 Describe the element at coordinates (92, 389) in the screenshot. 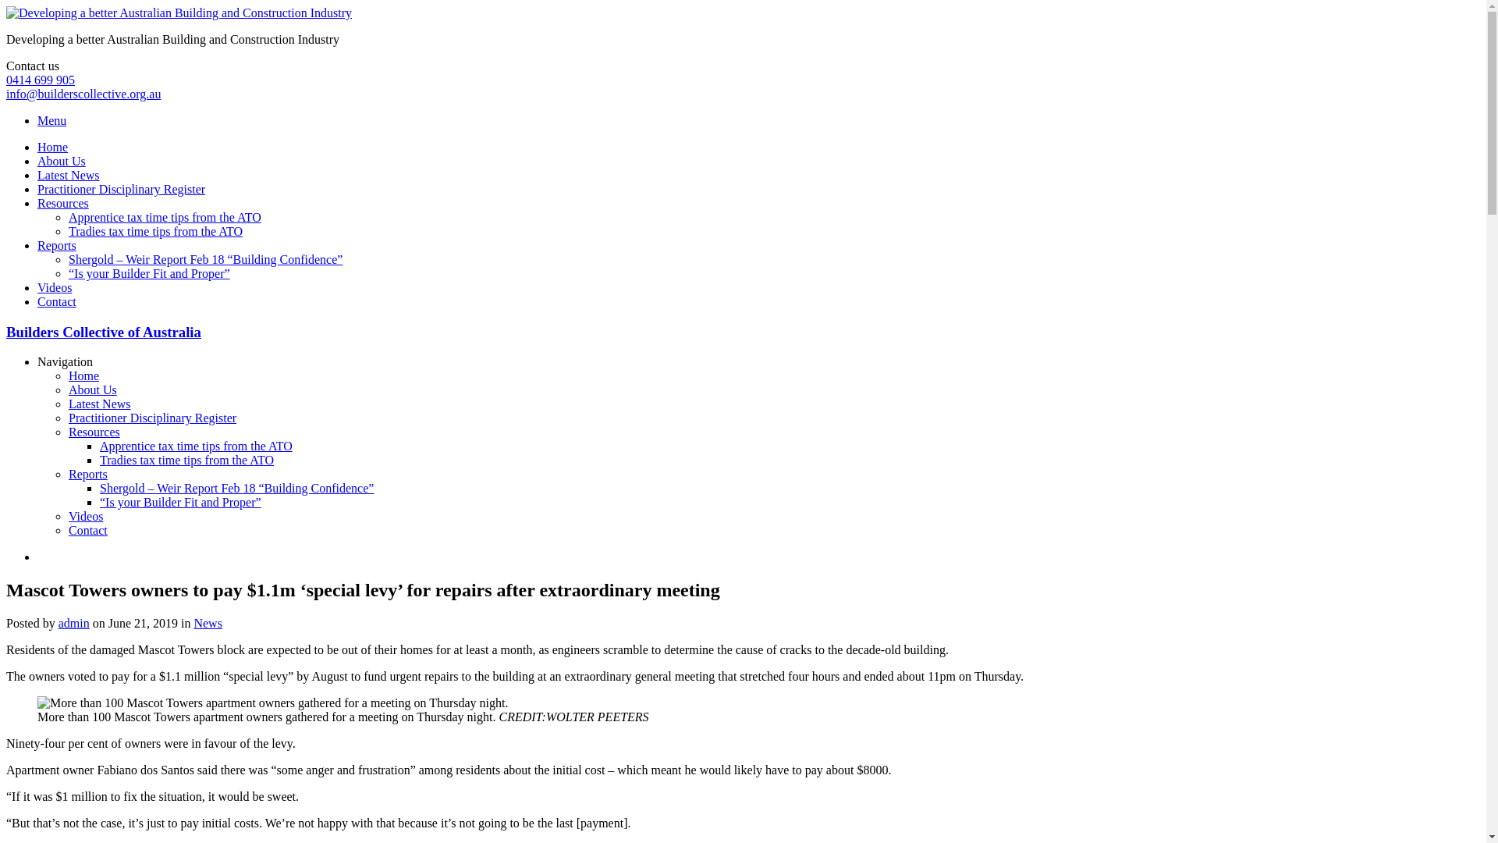

I see `'About Us'` at that location.